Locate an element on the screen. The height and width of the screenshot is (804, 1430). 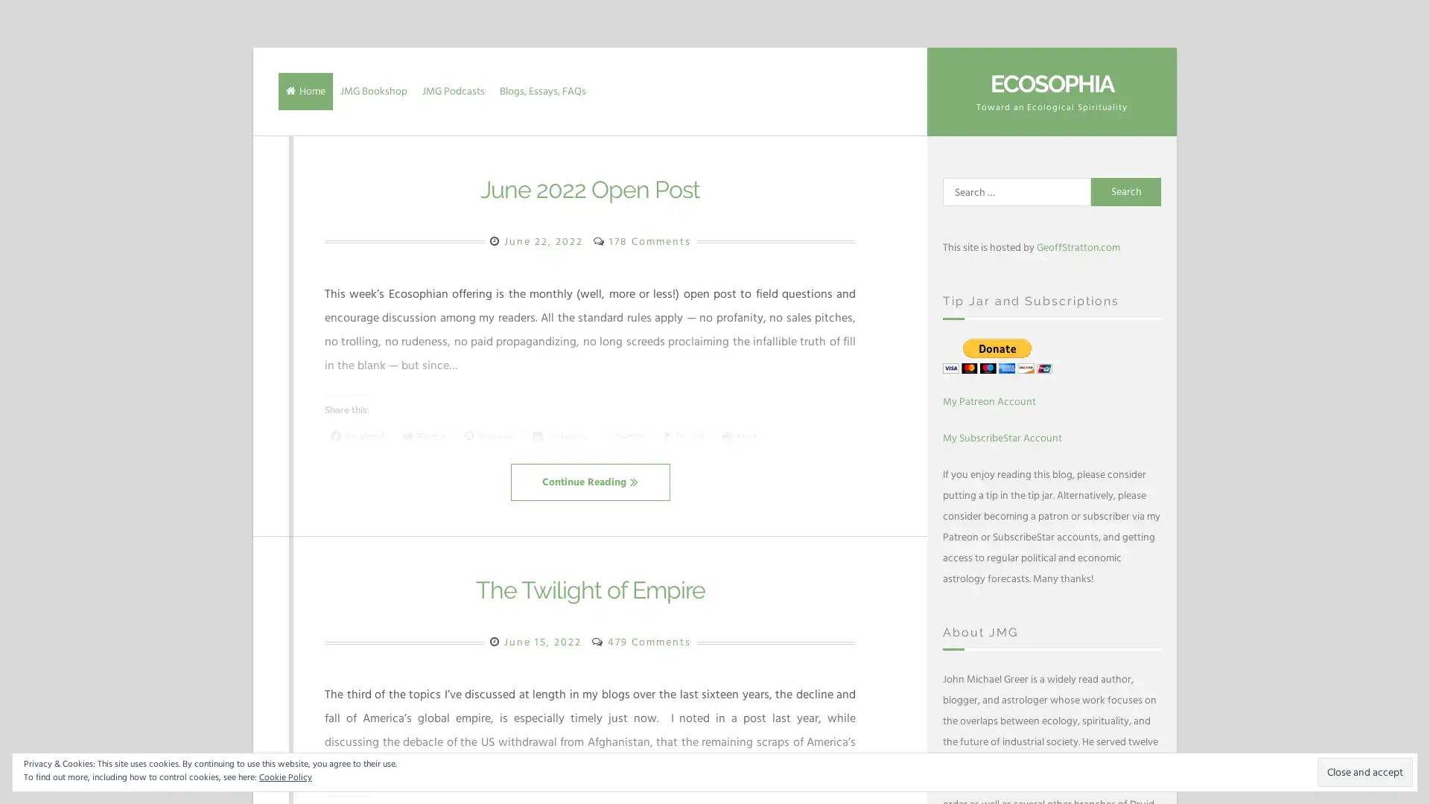
Close and accept is located at coordinates (1365, 771).